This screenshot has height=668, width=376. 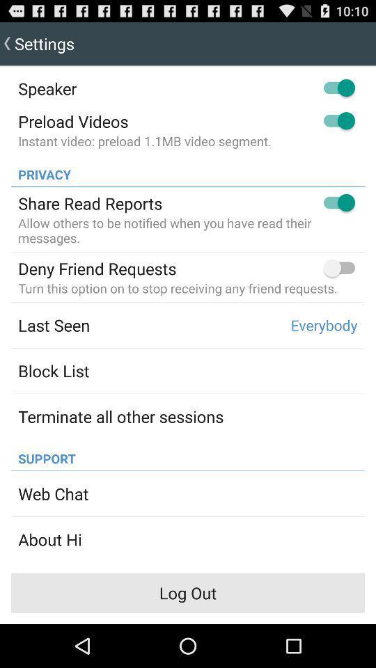 What do you see at coordinates (188, 592) in the screenshot?
I see `log out` at bounding box center [188, 592].